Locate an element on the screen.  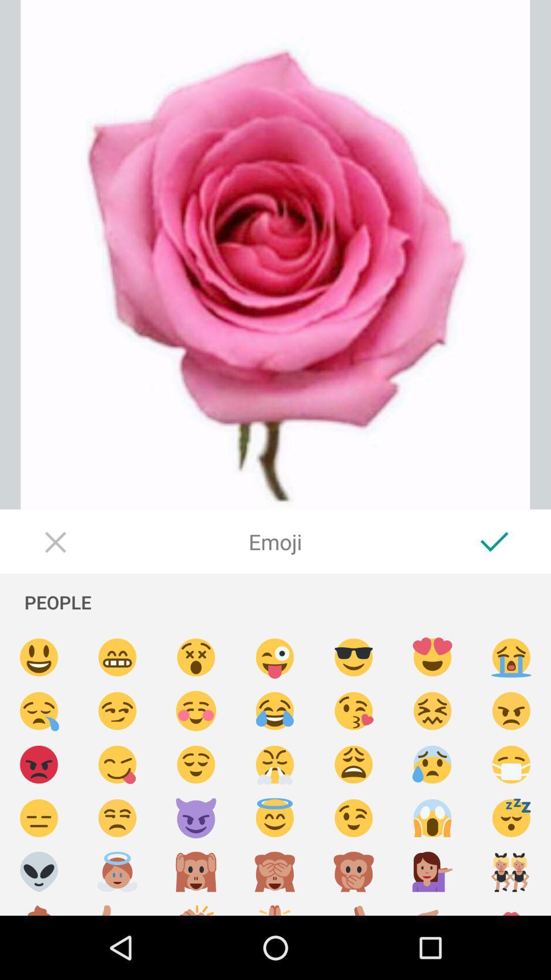
blushing emoji is located at coordinates (196, 710).